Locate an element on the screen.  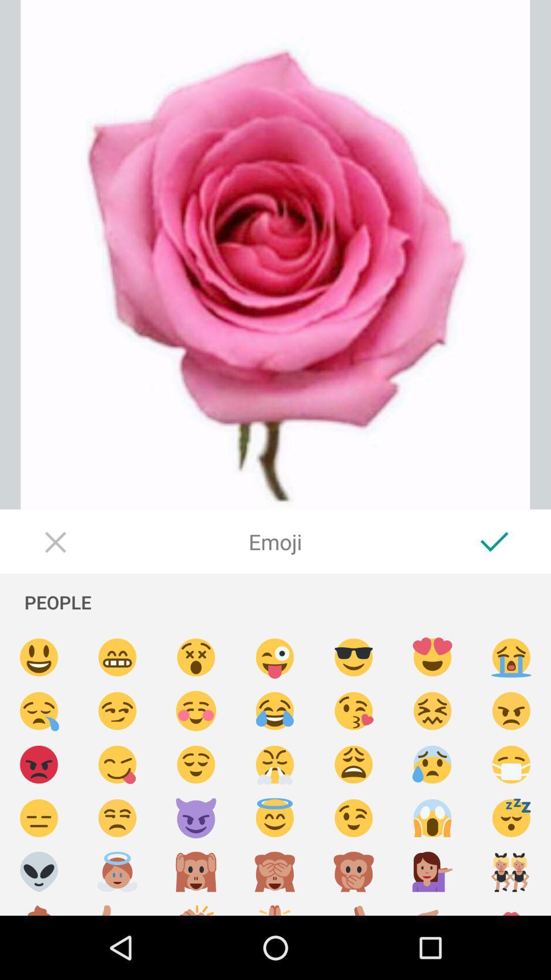
blushing emoji is located at coordinates (196, 710).